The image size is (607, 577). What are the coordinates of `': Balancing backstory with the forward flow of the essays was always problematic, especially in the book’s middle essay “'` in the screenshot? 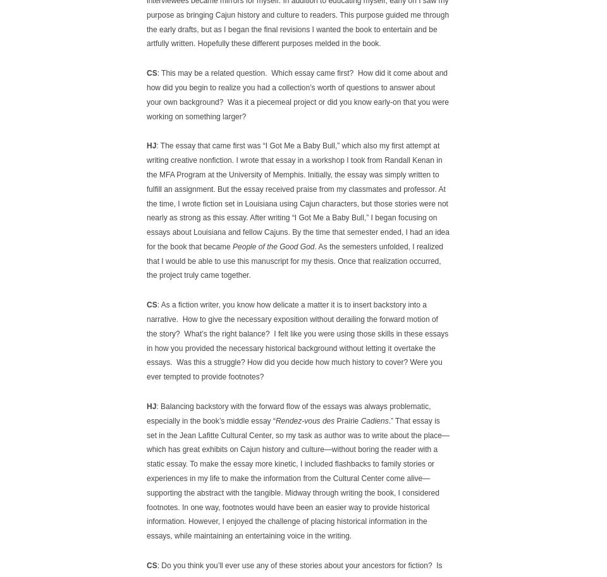 It's located at (147, 413).